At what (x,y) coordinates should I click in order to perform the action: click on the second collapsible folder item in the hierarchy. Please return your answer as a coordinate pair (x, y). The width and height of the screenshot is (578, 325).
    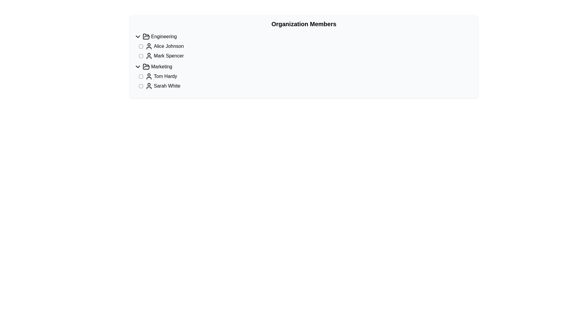
    Looking at the image, I should click on (157, 67).